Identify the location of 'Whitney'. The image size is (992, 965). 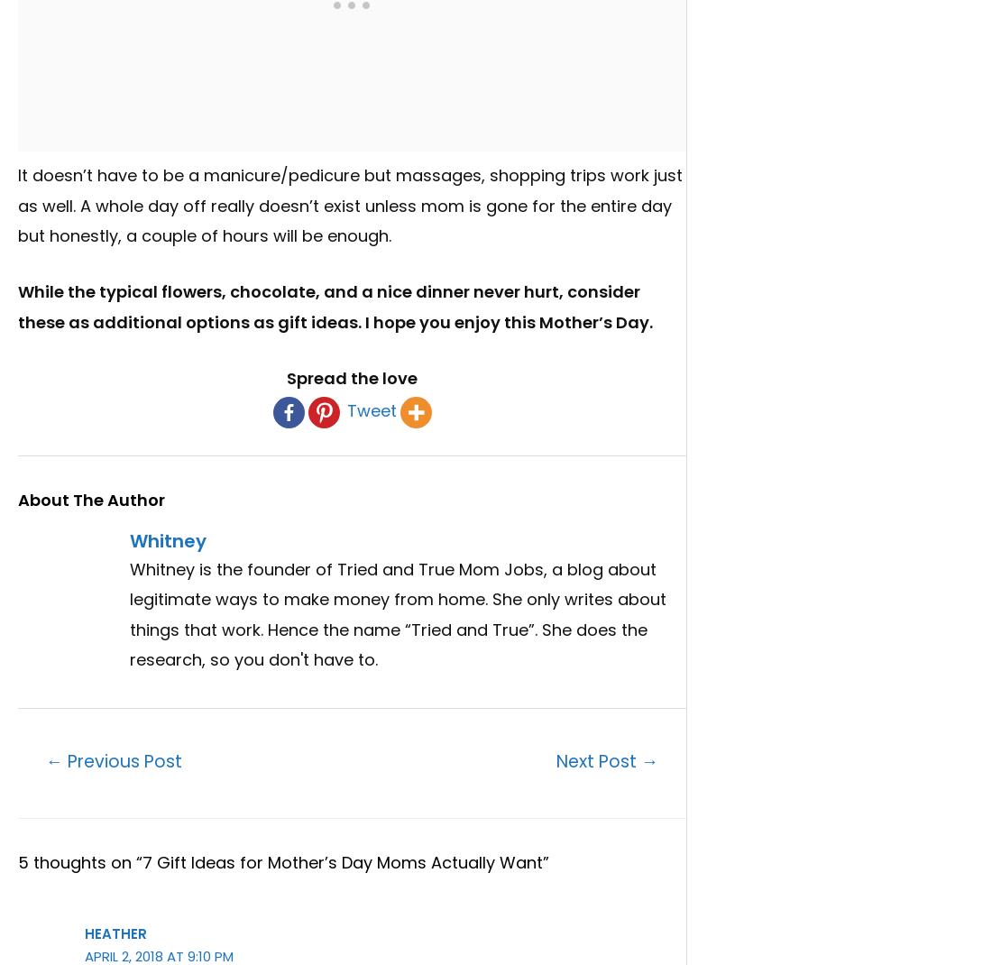
(166, 539).